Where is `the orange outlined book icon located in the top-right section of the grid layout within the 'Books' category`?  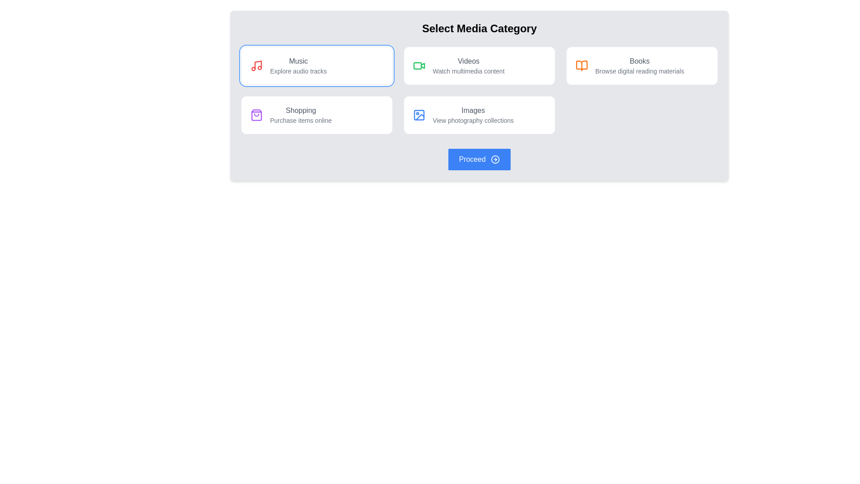 the orange outlined book icon located in the top-right section of the grid layout within the 'Books' category is located at coordinates (582, 65).